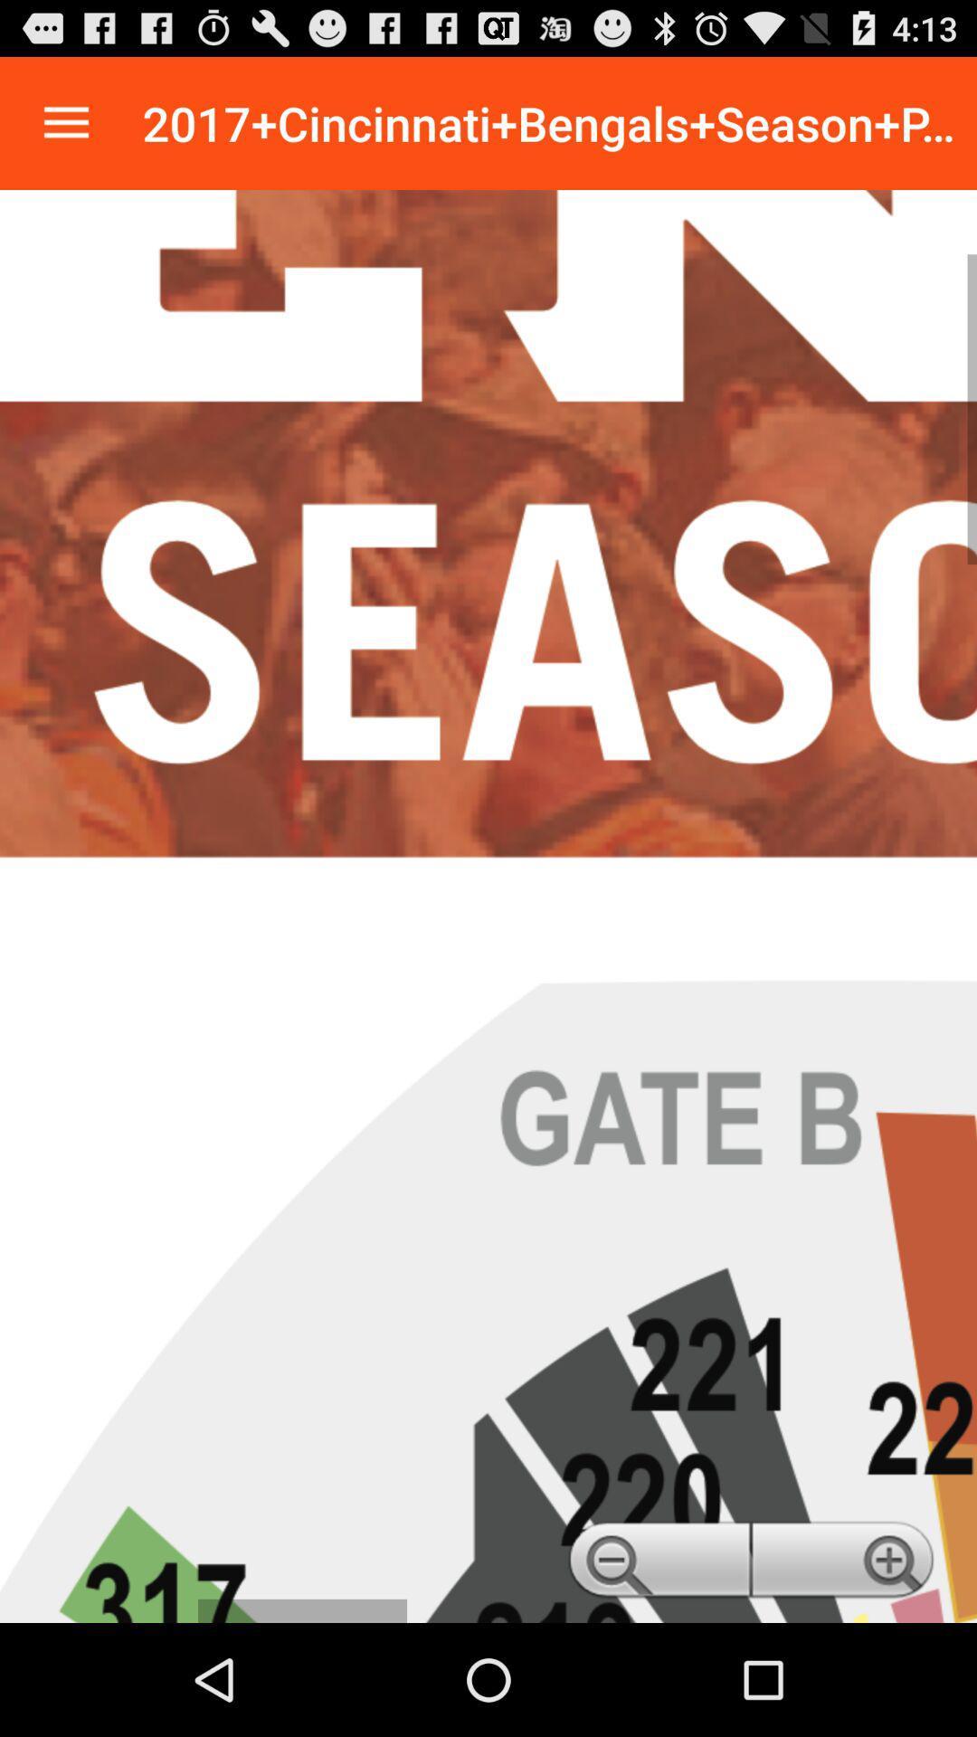  What do you see at coordinates (65, 122) in the screenshot?
I see `navigation menu` at bounding box center [65, 122].